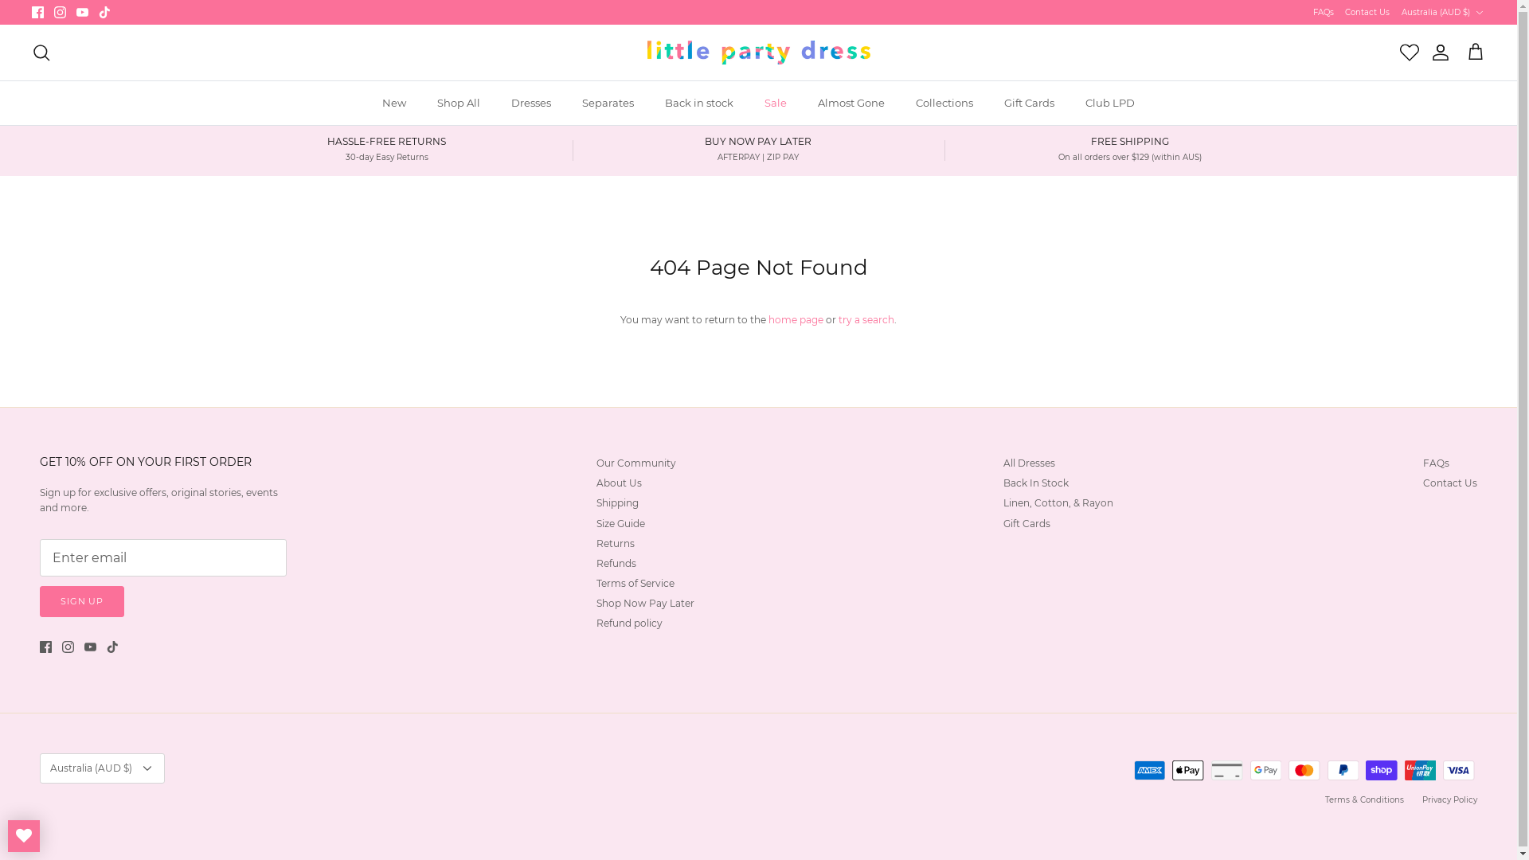 This screenshot has width=1529, height=860. What do you see at coordinates (699, 104) in the screenshot?
I see `'Back in stock'` at bounding box center [699, 104].